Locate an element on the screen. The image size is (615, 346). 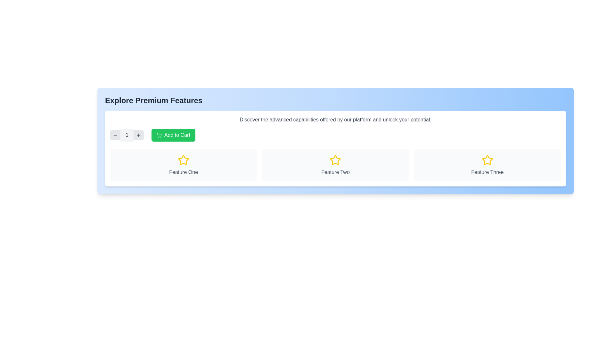
the star-shaped icon with a yellow outline located above the text label 'Feature Two', which is the second item in a row of three within the grid of feature boxes is located at coordinates (335, 160).